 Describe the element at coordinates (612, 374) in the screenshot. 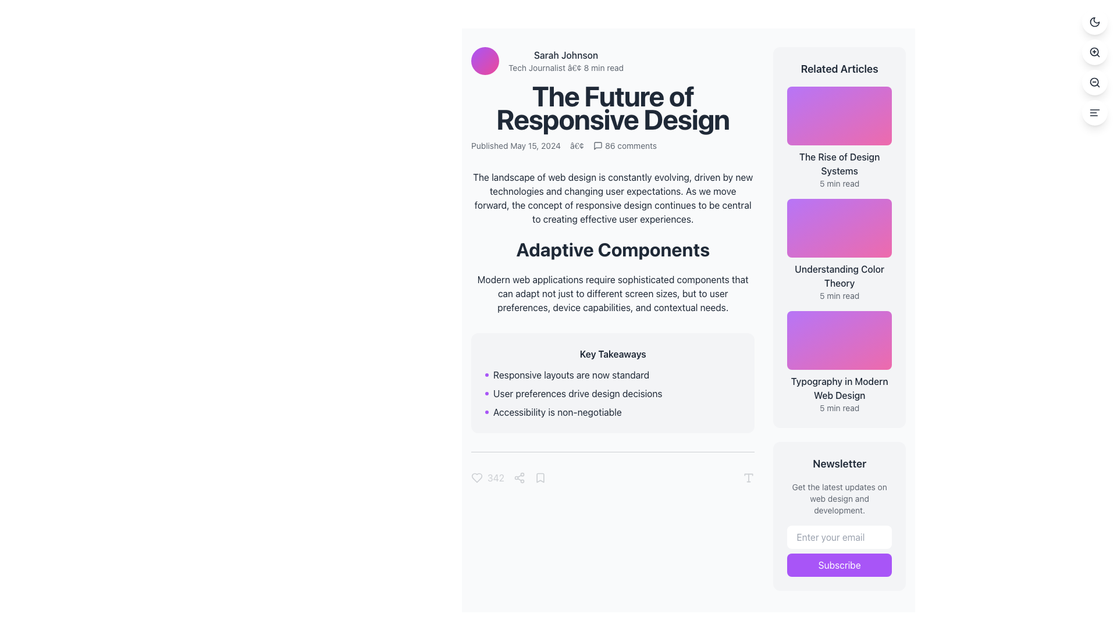

I see `the first Text item in the 'Key Takeaways' card section` at that location.